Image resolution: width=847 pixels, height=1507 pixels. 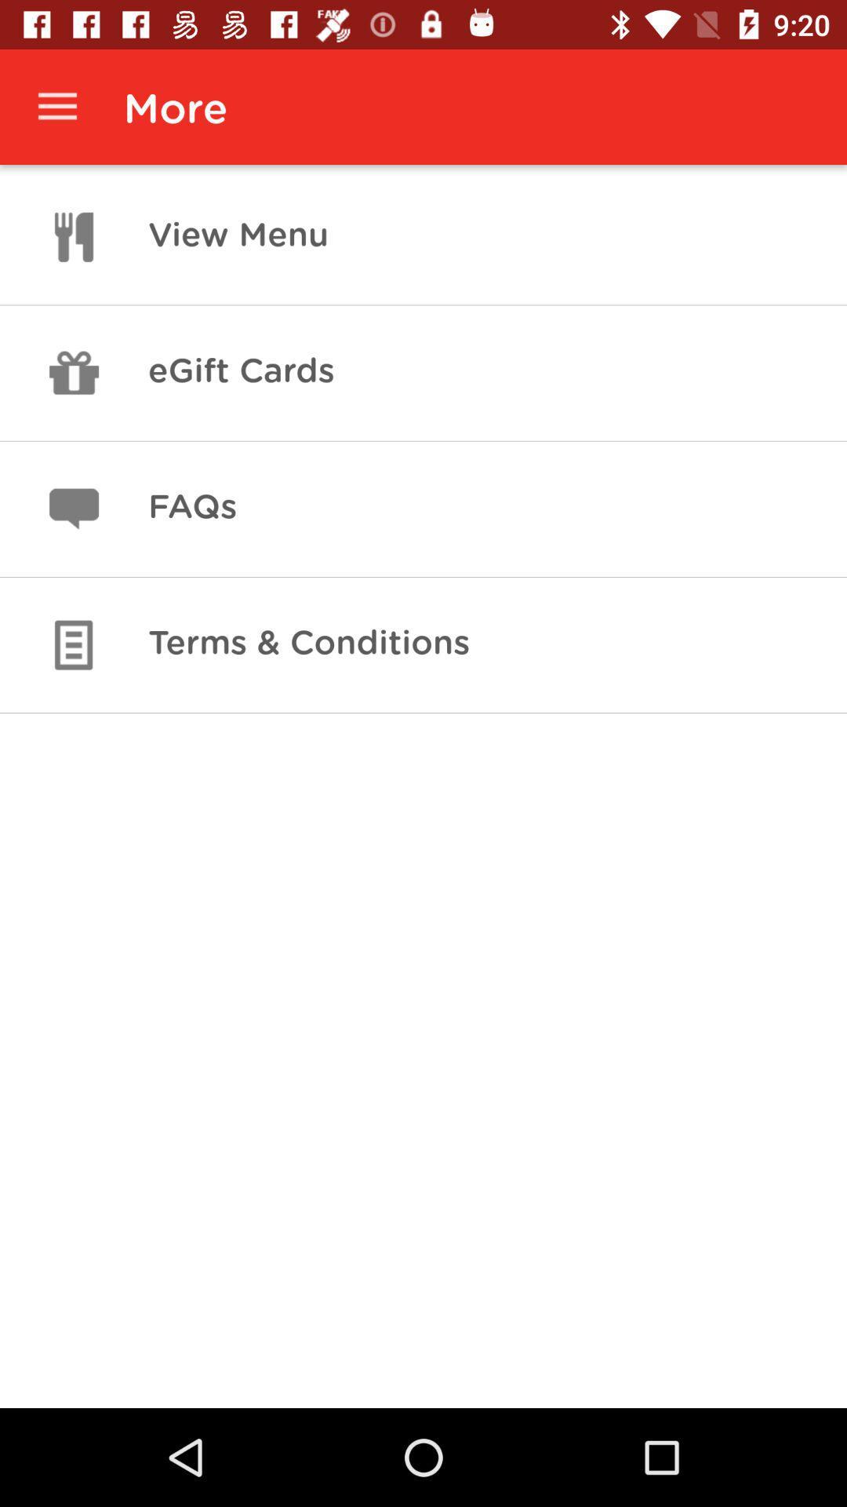 What do you see at coordinates (191, 509) in the screenshot?
I see `the icon above terms & conditions` at bounding box center [191, 509].